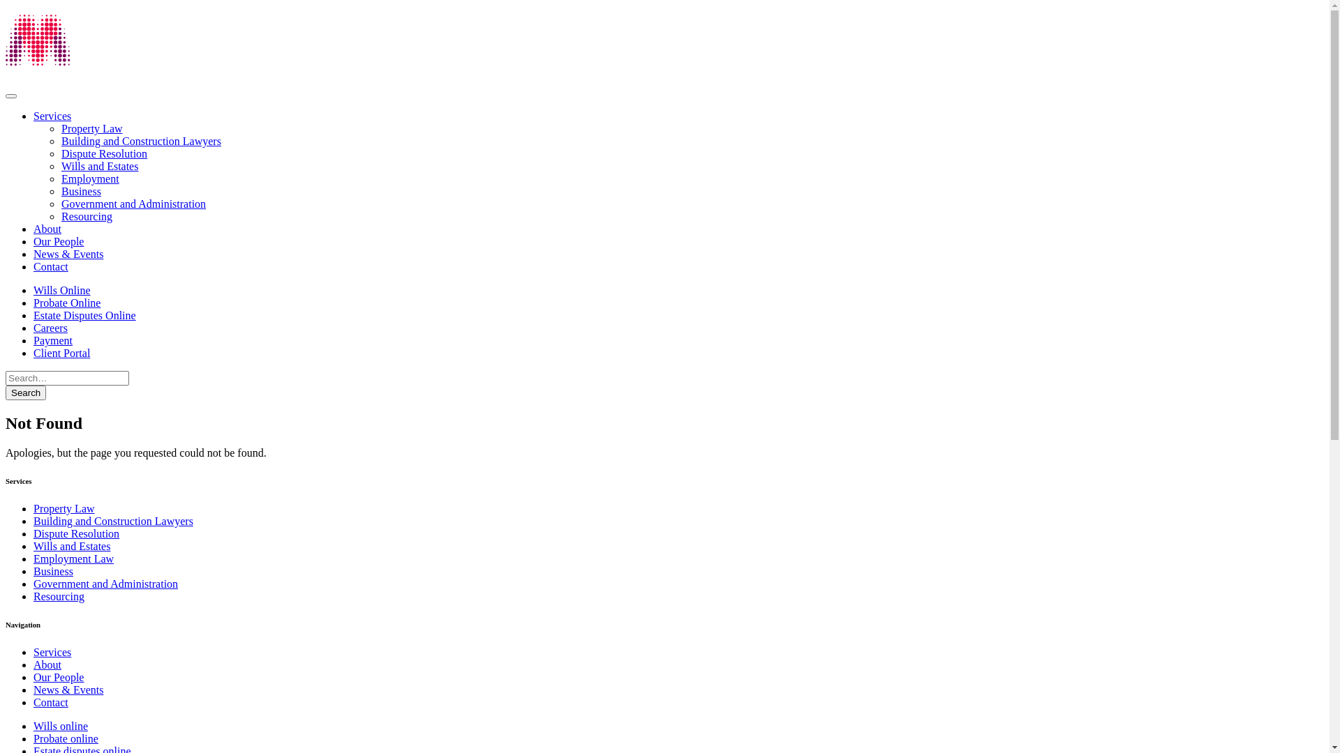  Describe the element at coordinates (26, 393) in the screenshot. I see `'Search'` at that location.